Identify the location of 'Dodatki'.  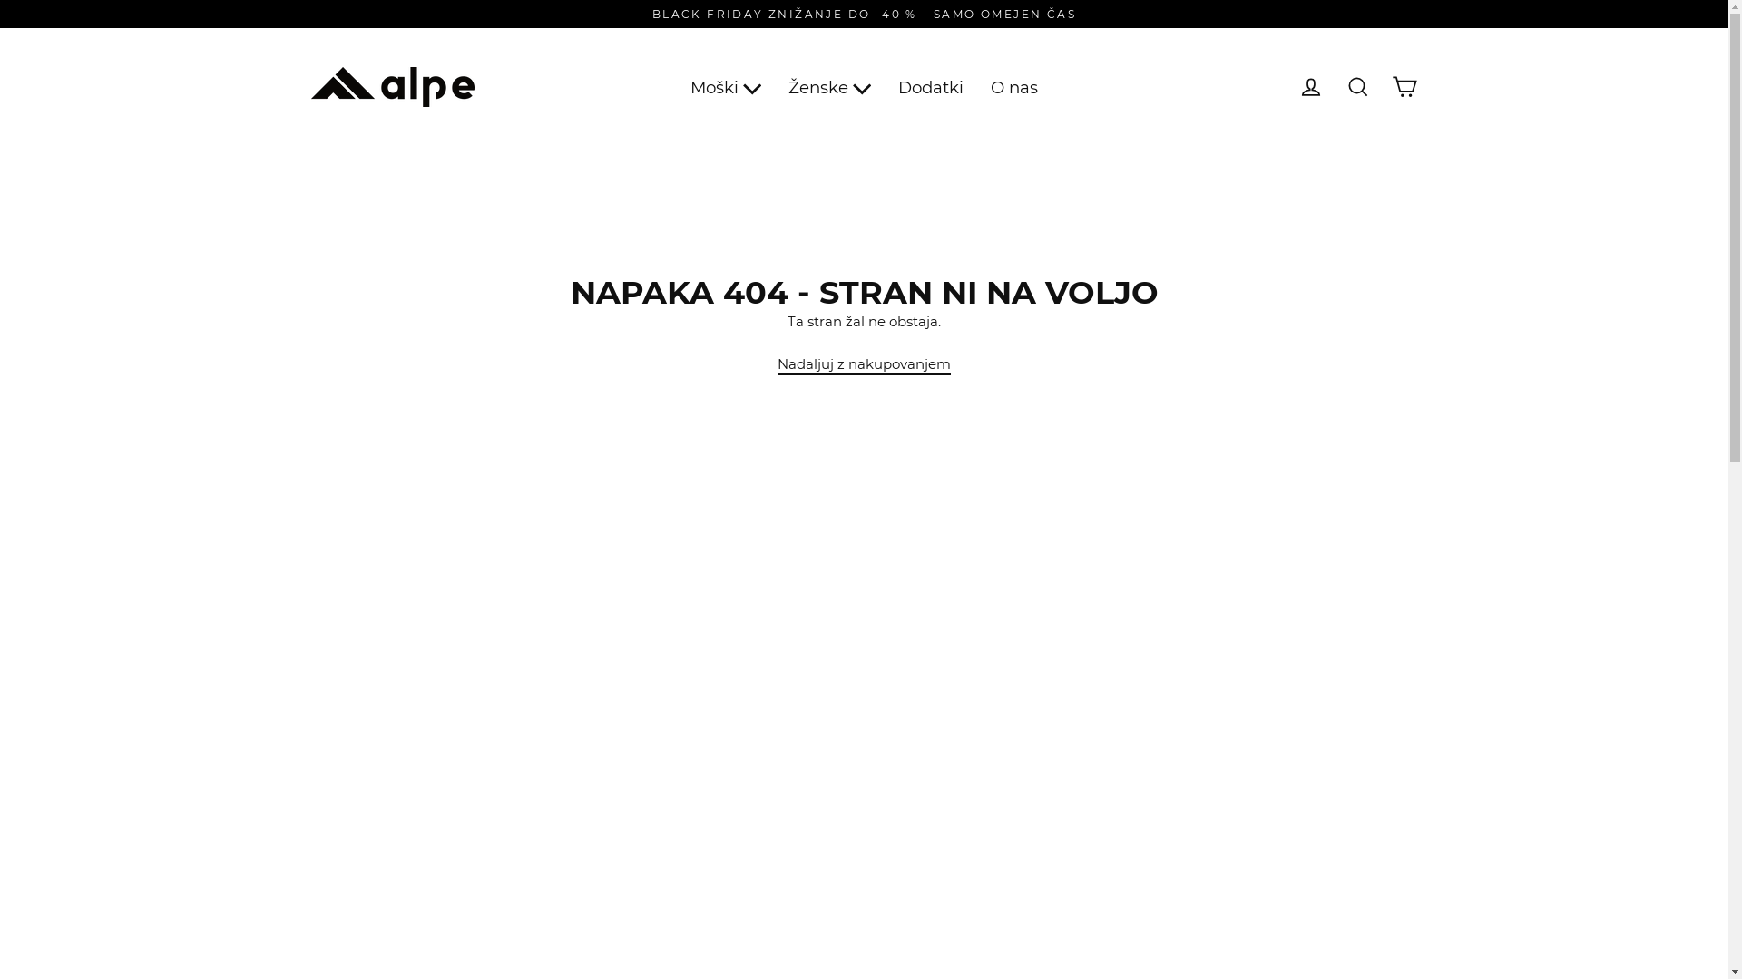
(931, 87).